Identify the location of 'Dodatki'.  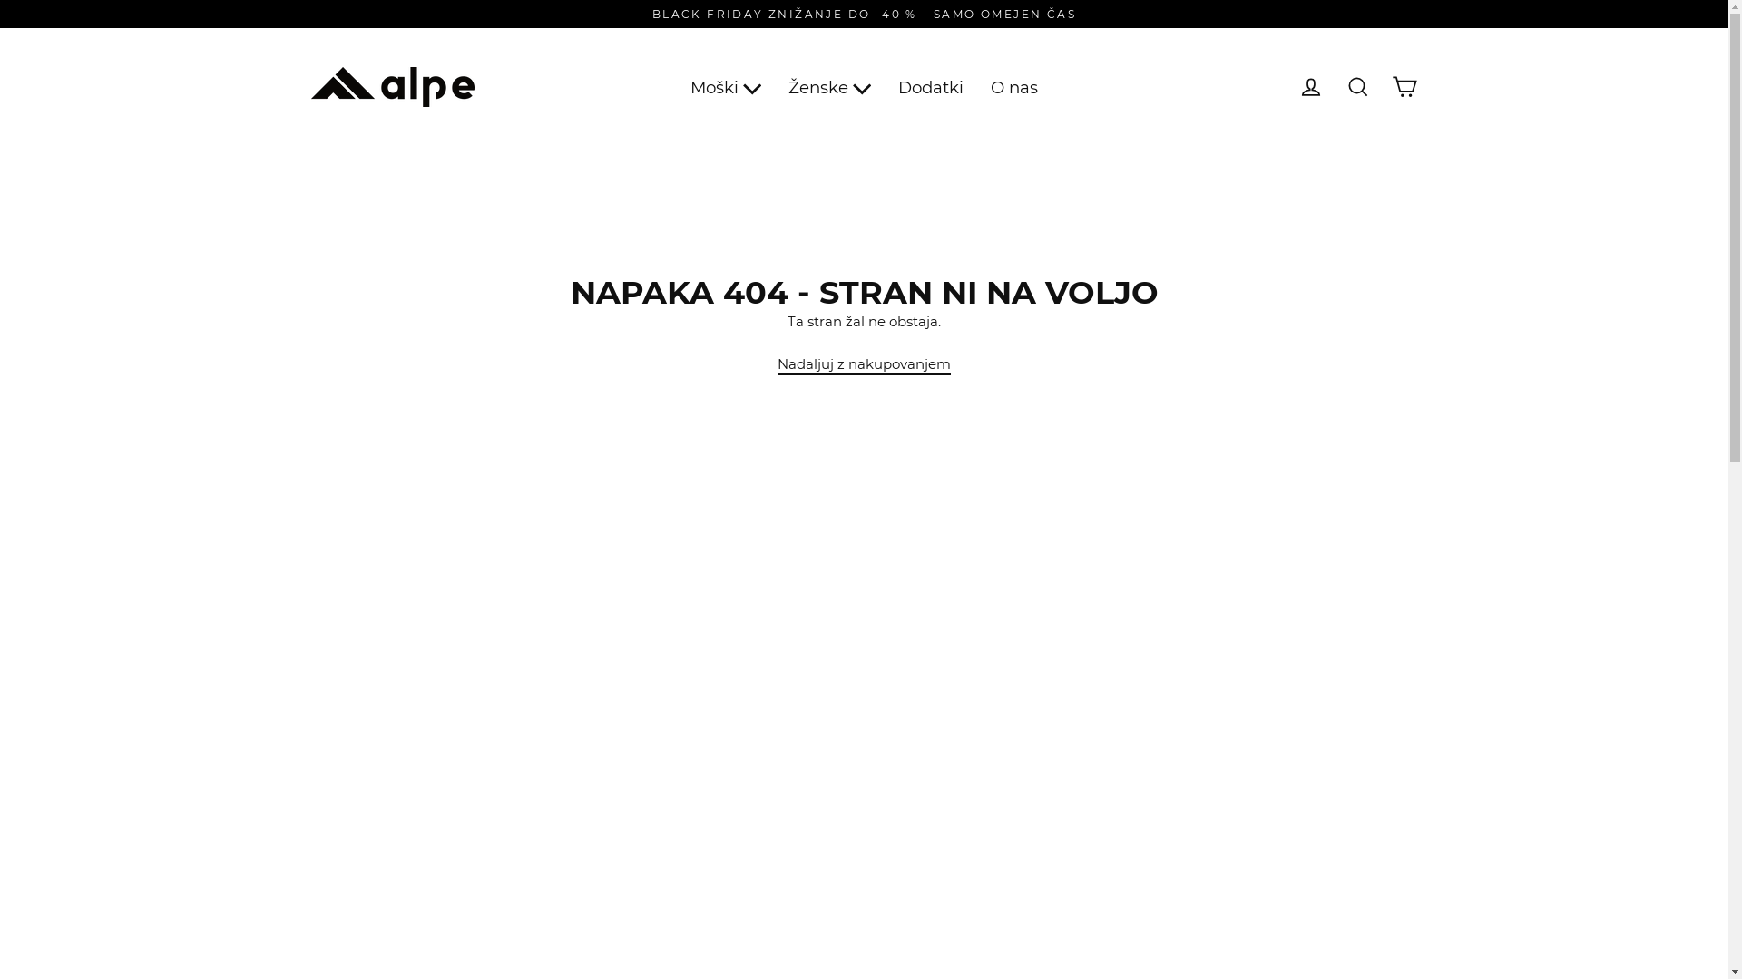
(931, 87).